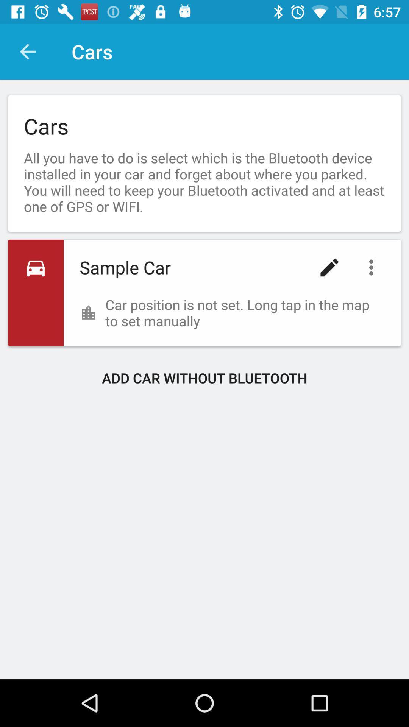 The height and width of the screenshot is (727, 409). I want to click on icon to the left of cars item, so click(27, 51).